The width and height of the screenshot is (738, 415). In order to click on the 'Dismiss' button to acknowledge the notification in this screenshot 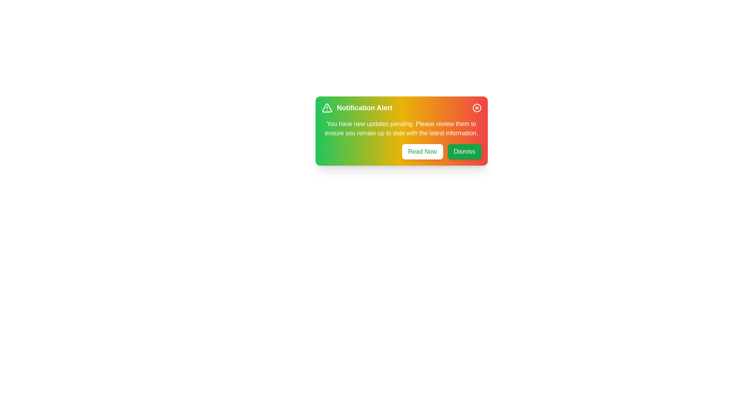, I will do `click(464, 151)`.